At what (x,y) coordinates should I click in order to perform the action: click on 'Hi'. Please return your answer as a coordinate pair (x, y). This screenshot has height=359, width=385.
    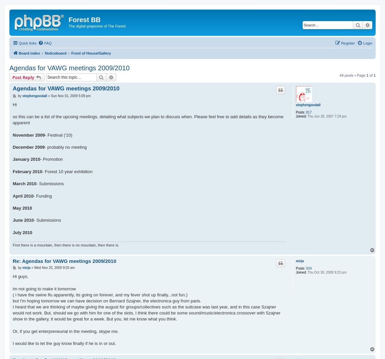
    Looking at the image, I should click on (14, 104).